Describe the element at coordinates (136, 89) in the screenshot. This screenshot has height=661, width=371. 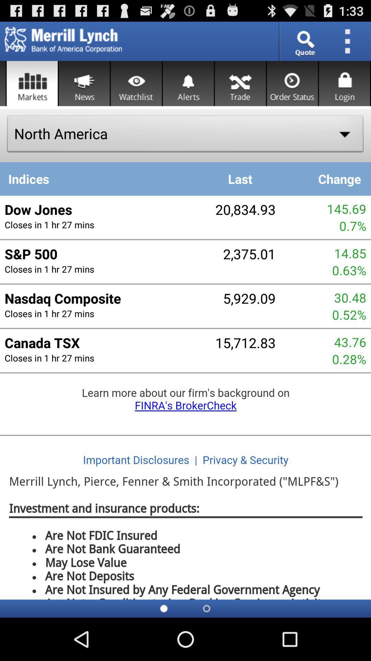
I see `the visibility icon` at that location.